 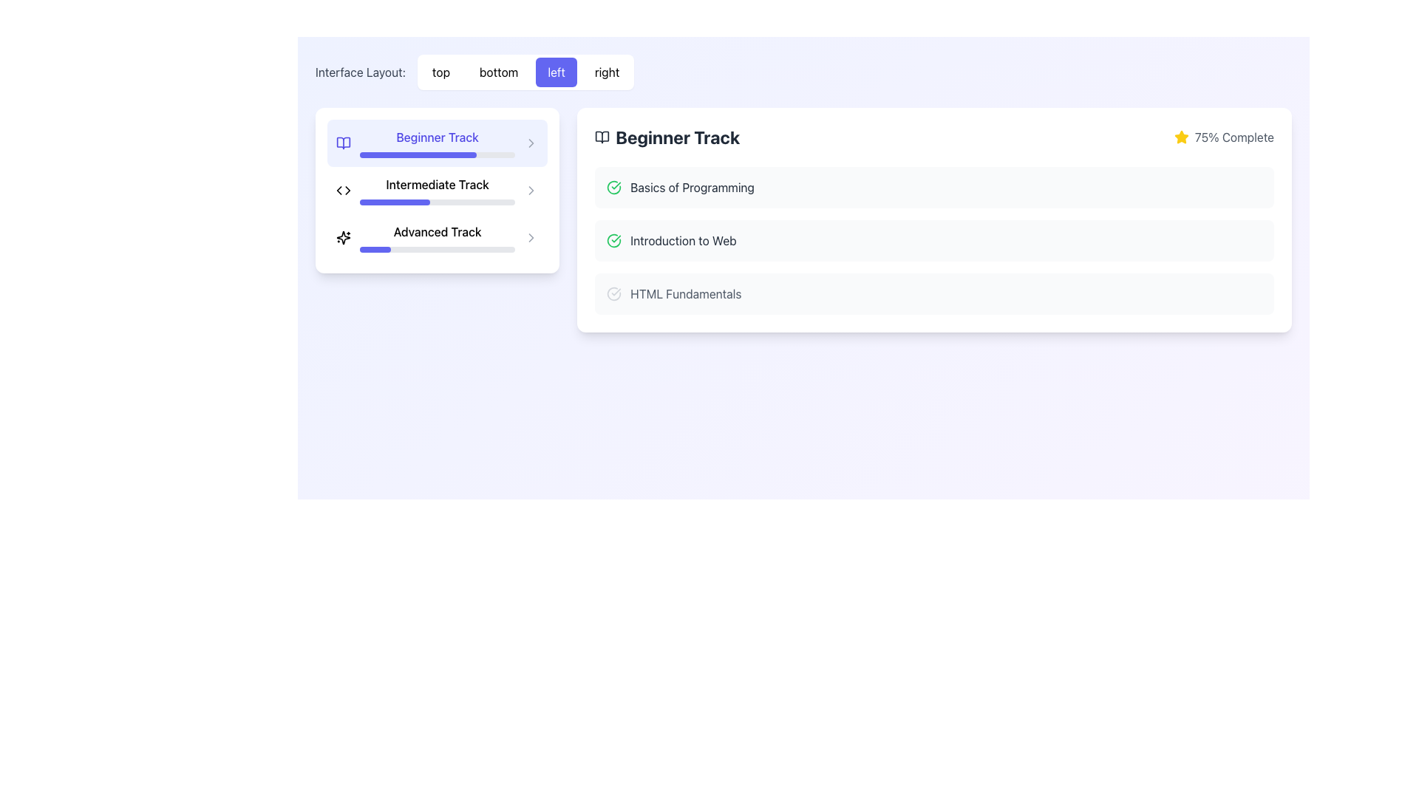 I want to click on the right-facing chevron icon used for navigation at the end of the 'Intermediate Track' list item, so click(x=531, y=190).